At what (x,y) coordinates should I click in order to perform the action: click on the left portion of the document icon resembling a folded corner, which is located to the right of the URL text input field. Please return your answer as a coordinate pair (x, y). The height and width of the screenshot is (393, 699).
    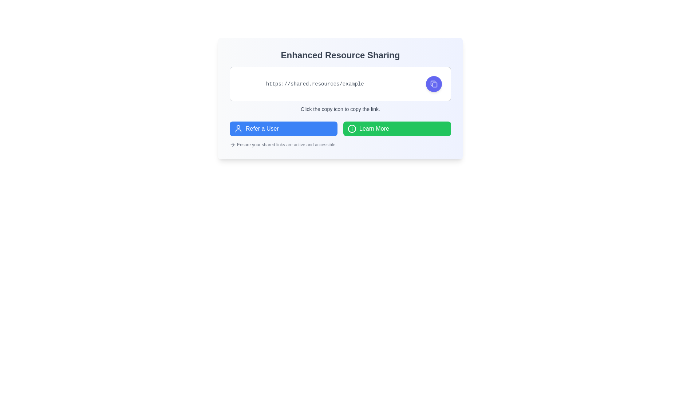
    Looking at the image, I should click on (433, 83).